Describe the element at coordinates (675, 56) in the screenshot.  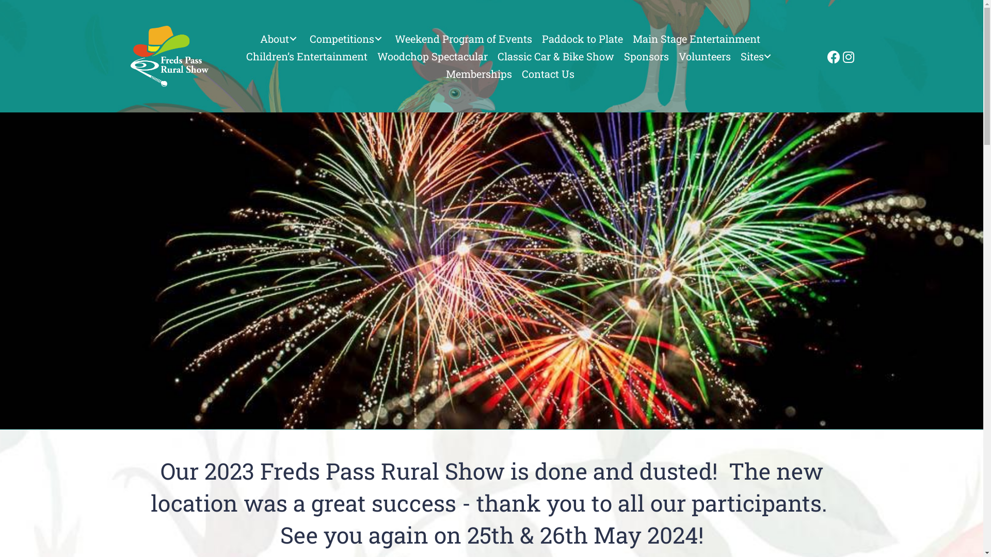
I see `'Volunteers'` at that location.